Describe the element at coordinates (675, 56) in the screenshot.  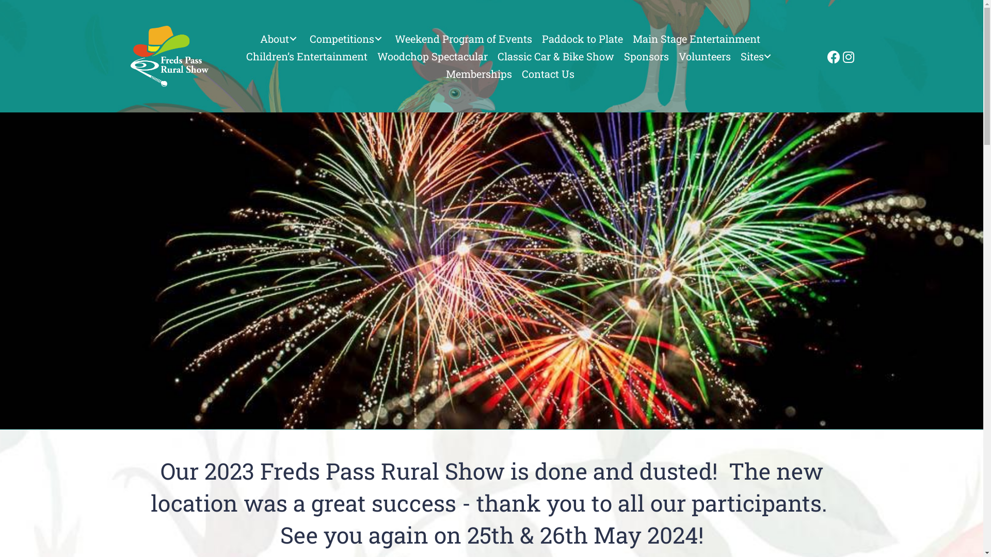
I see `'Volunteers'` at that location.